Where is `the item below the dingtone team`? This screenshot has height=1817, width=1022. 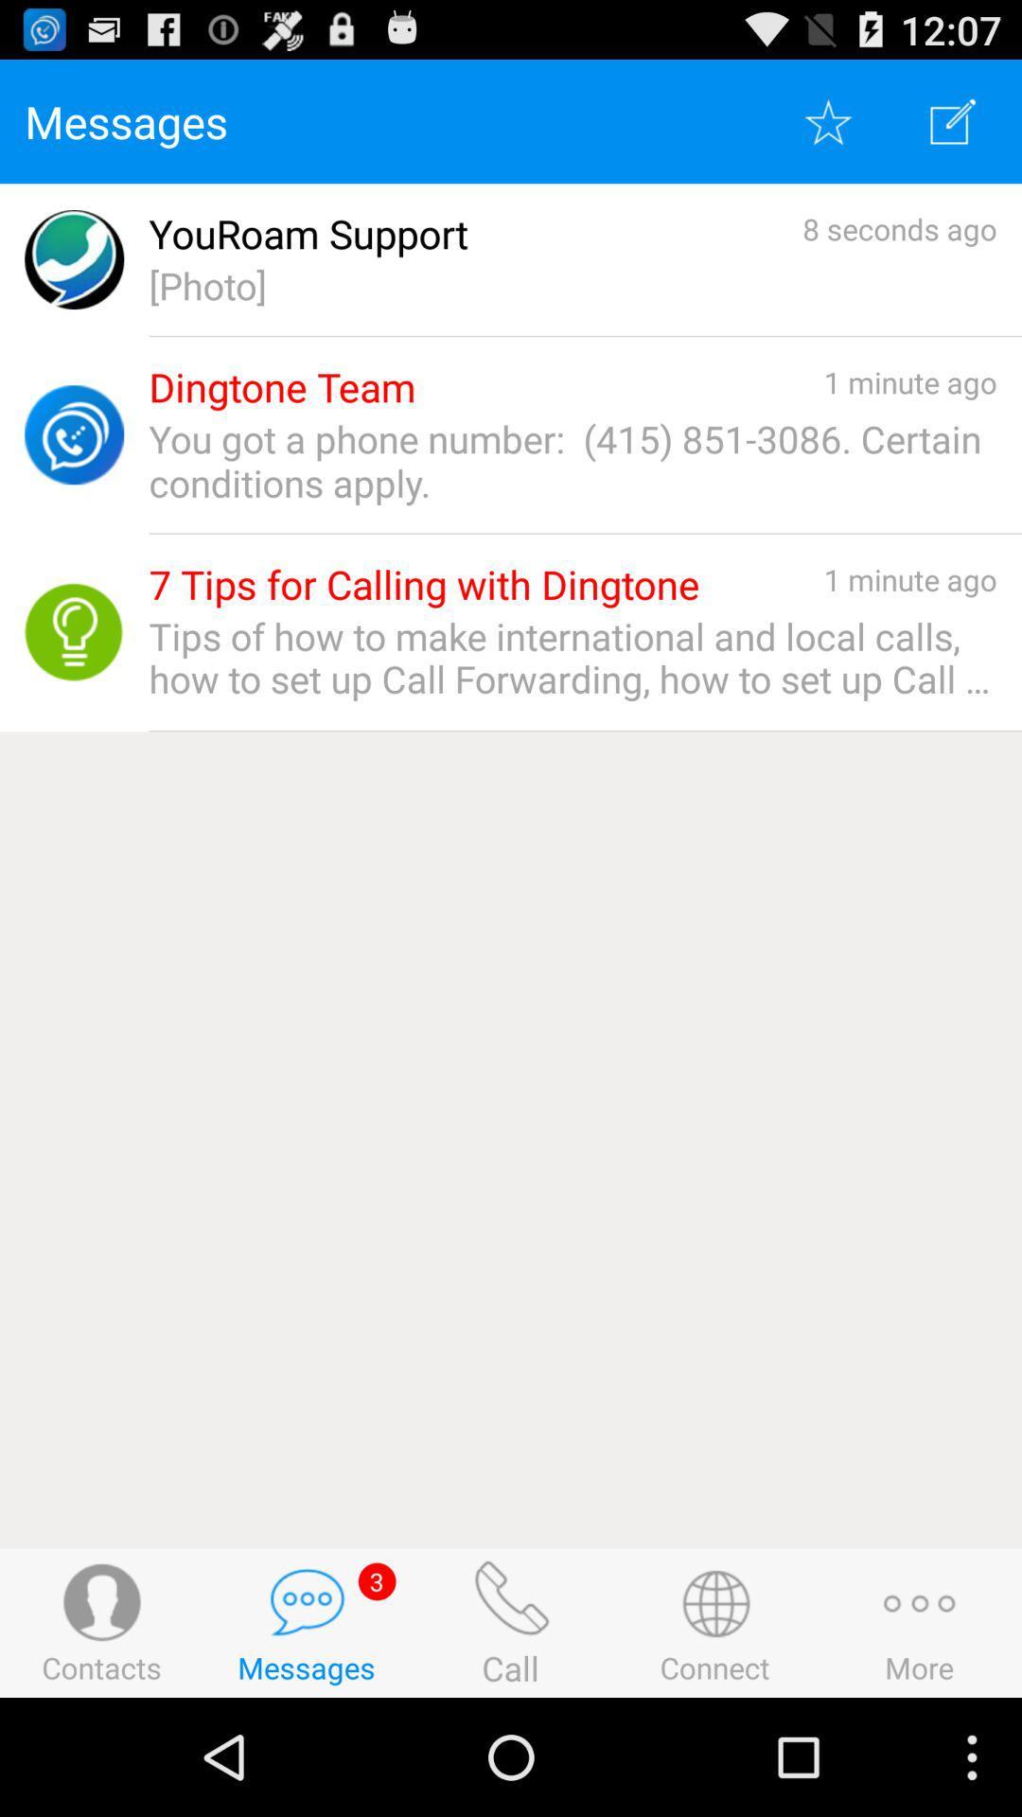 the item below the dingtone team is located at coordinates (572, 461).